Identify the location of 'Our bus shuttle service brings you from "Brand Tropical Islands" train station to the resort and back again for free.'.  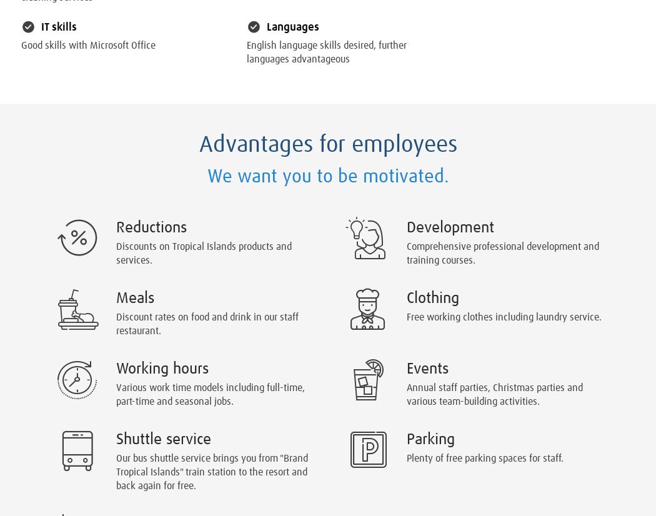
(211, 472).